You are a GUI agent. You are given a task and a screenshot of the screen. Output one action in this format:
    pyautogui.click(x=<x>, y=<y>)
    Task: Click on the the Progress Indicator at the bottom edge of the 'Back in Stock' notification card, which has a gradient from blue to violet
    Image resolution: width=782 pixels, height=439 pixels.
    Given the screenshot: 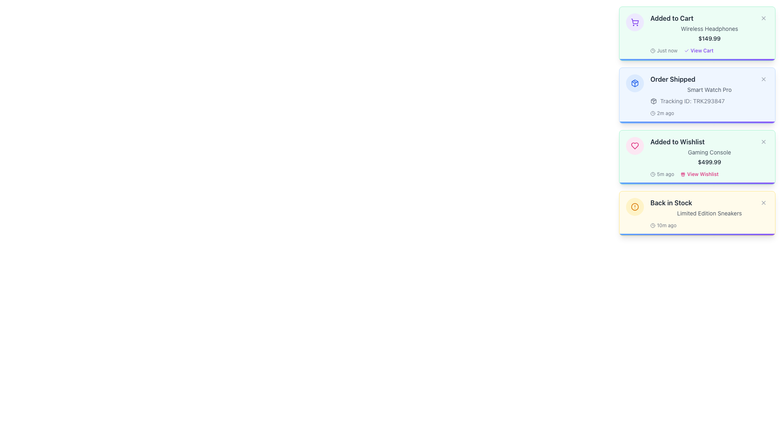 What is the action you would take?
    pyautogui.click(x=697, y=235)
    